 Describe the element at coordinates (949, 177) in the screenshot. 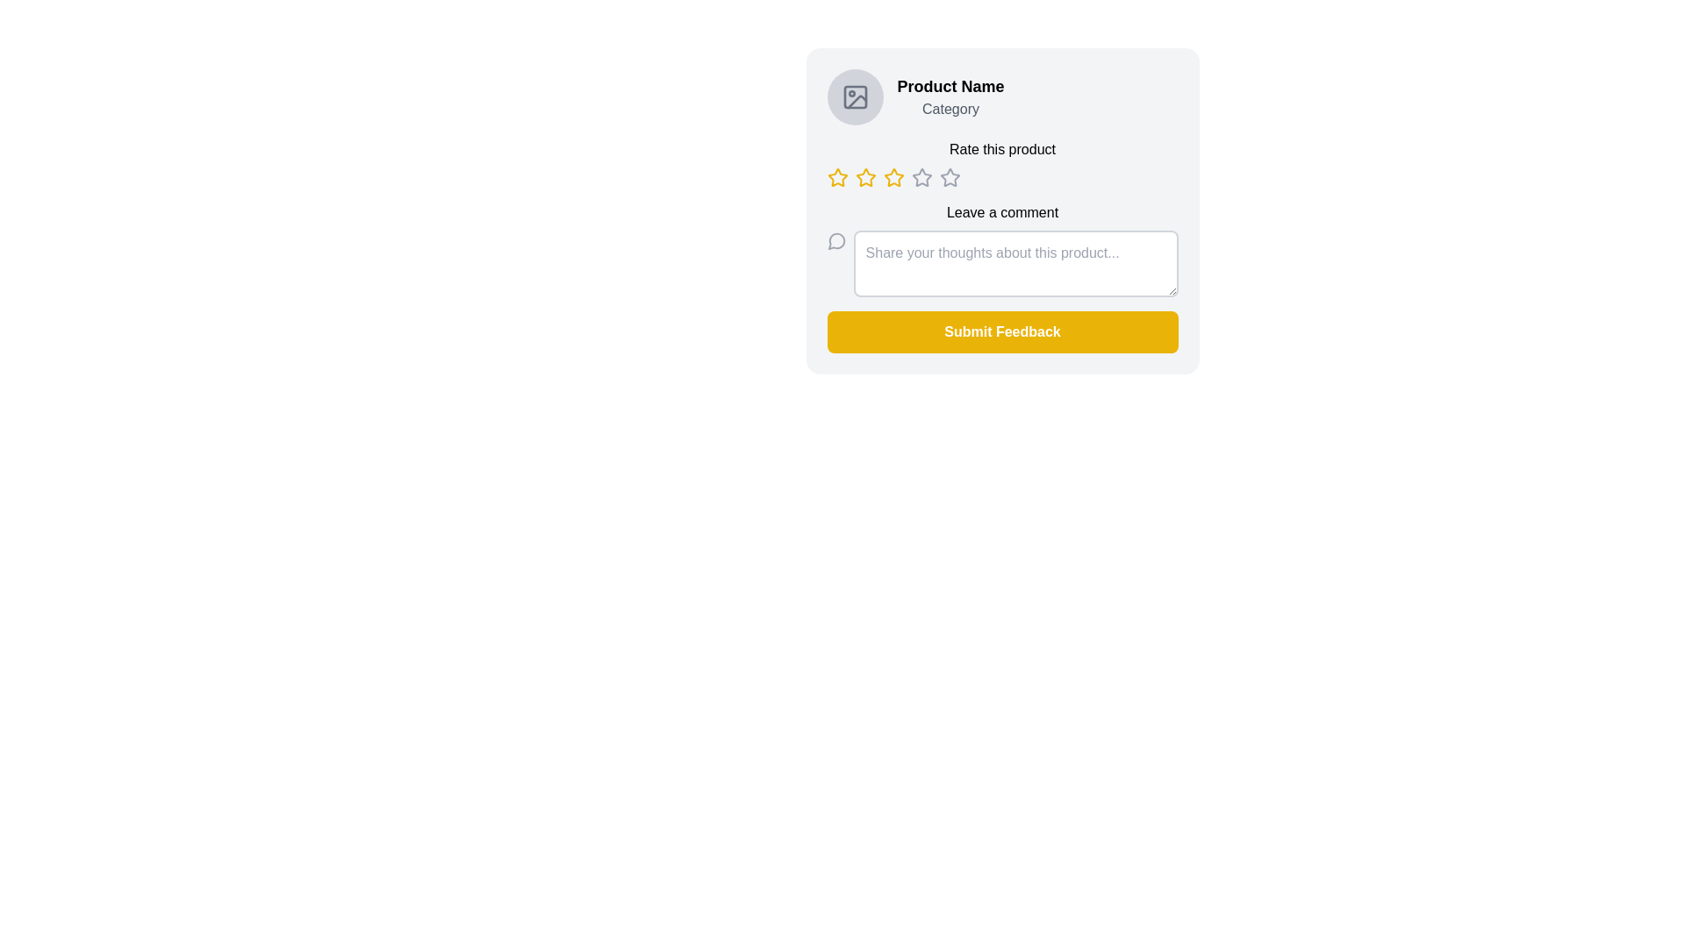

I see `the fourth rating star in the five-star rating widget` at that location.